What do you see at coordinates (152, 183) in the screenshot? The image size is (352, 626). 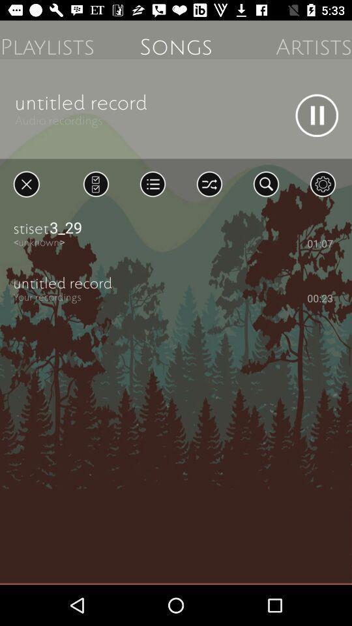 I see `menu` at bounding box center [152, 183].